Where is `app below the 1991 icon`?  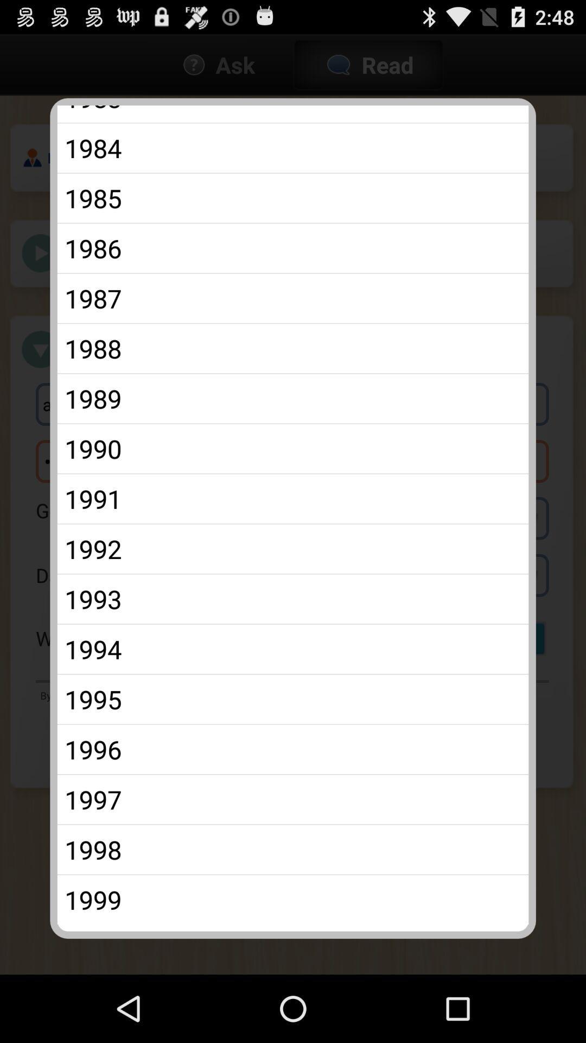
app below the 1991 icon is located at coordinates (293, 549).